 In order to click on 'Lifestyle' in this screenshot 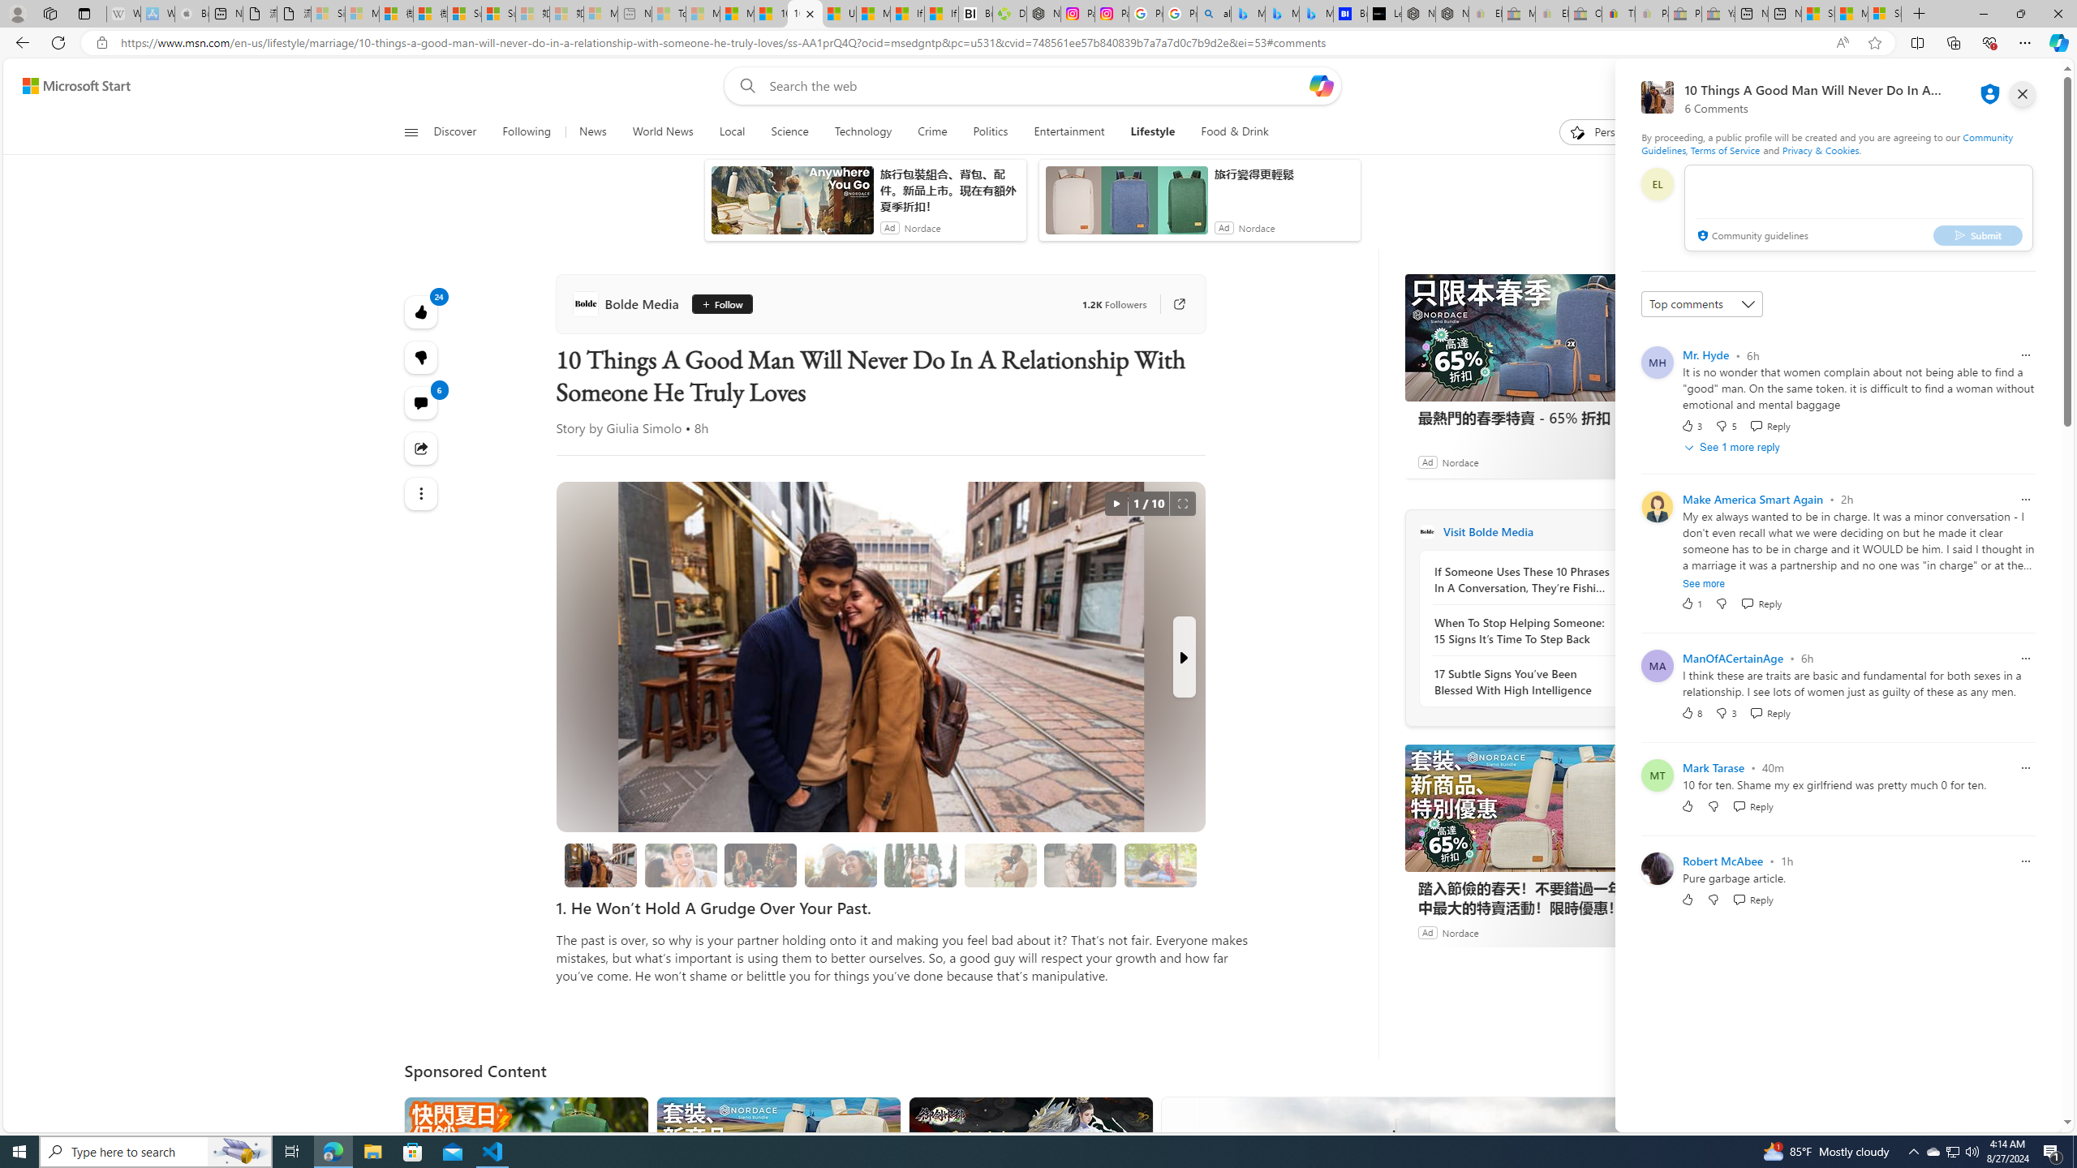, I will do `click(1151, 131)`.